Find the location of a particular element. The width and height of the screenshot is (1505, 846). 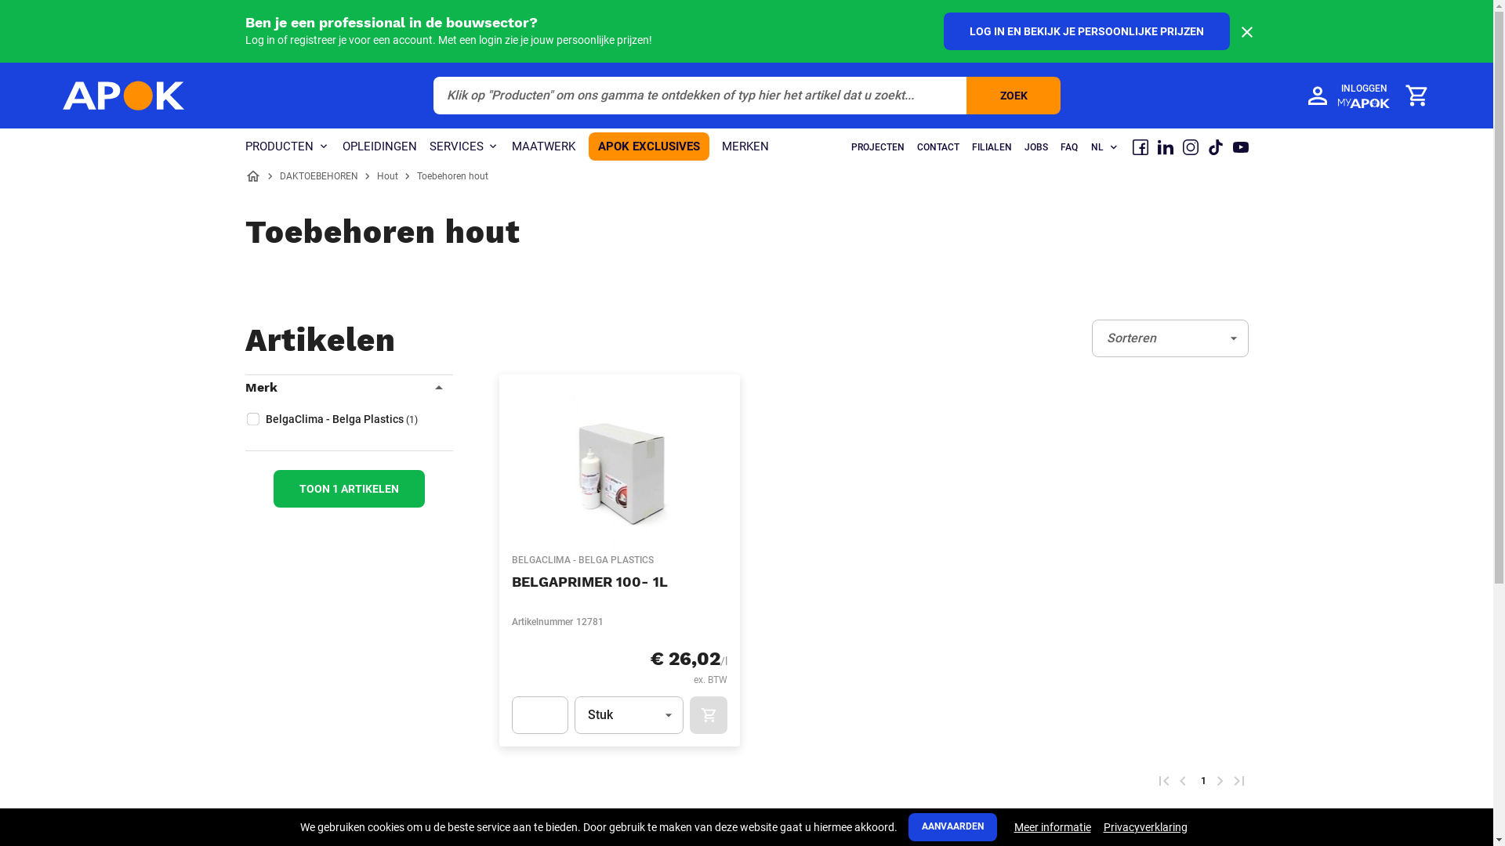

'PRODUCTEN' is located at coordinates (286, 146).